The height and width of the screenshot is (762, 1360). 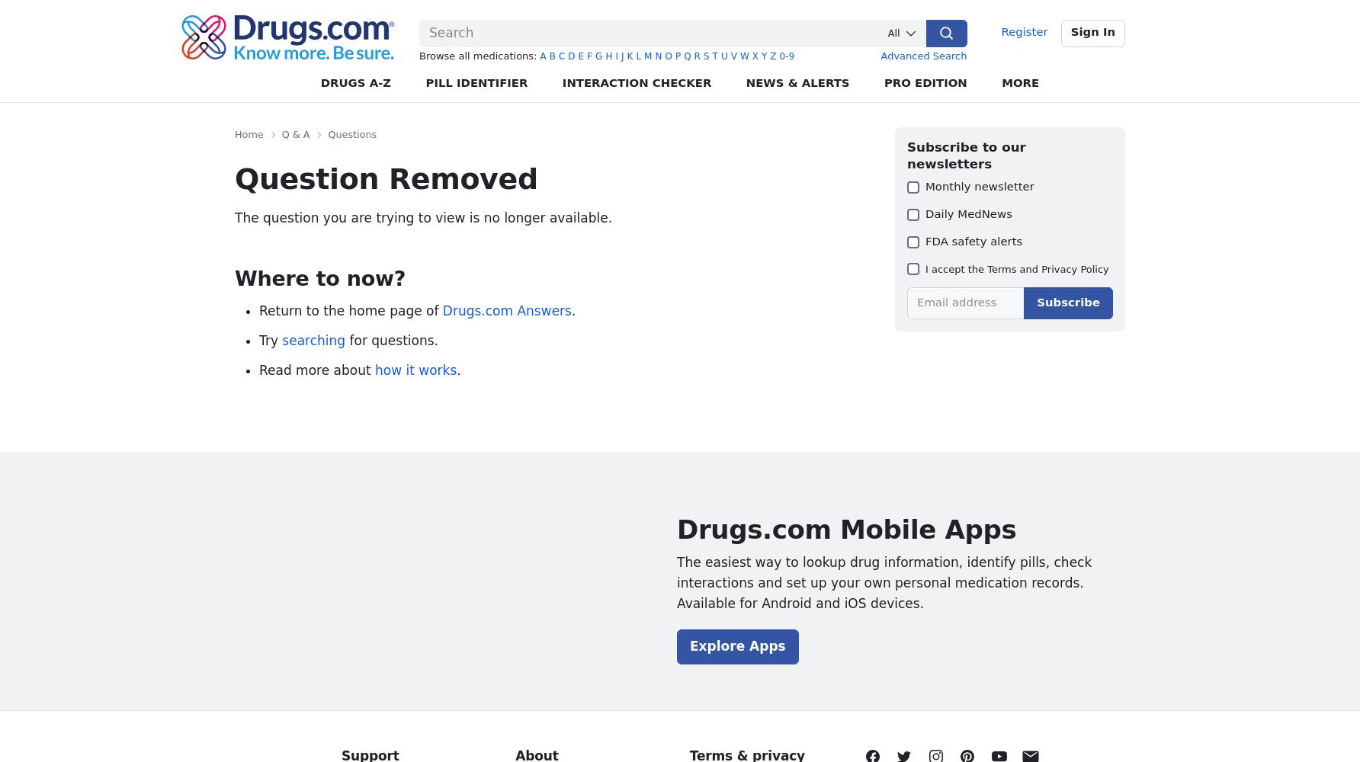 I want to click on 's', so click(x=706, y=56).